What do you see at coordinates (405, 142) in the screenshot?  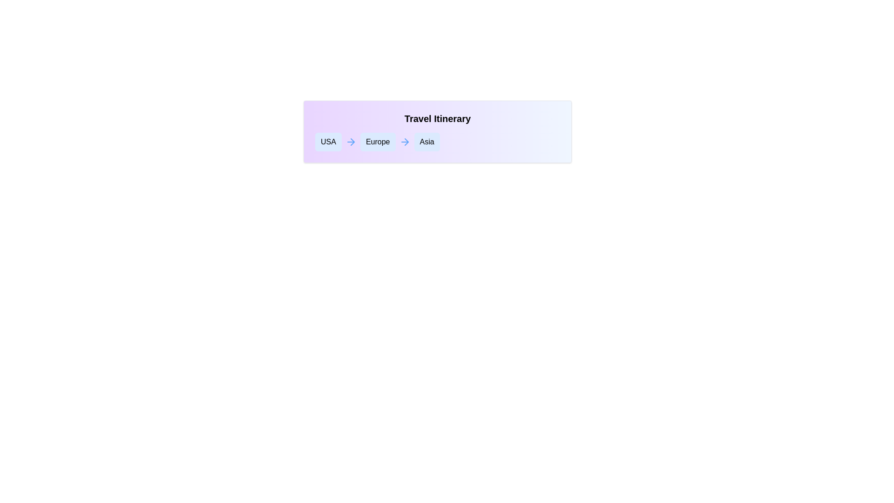 I see `the arrow icon that visually indicates progression between 'Europe' and 'Asia', positioned between the 'Europe' button and the 'Asia' button` at bounding box center [405, 142].